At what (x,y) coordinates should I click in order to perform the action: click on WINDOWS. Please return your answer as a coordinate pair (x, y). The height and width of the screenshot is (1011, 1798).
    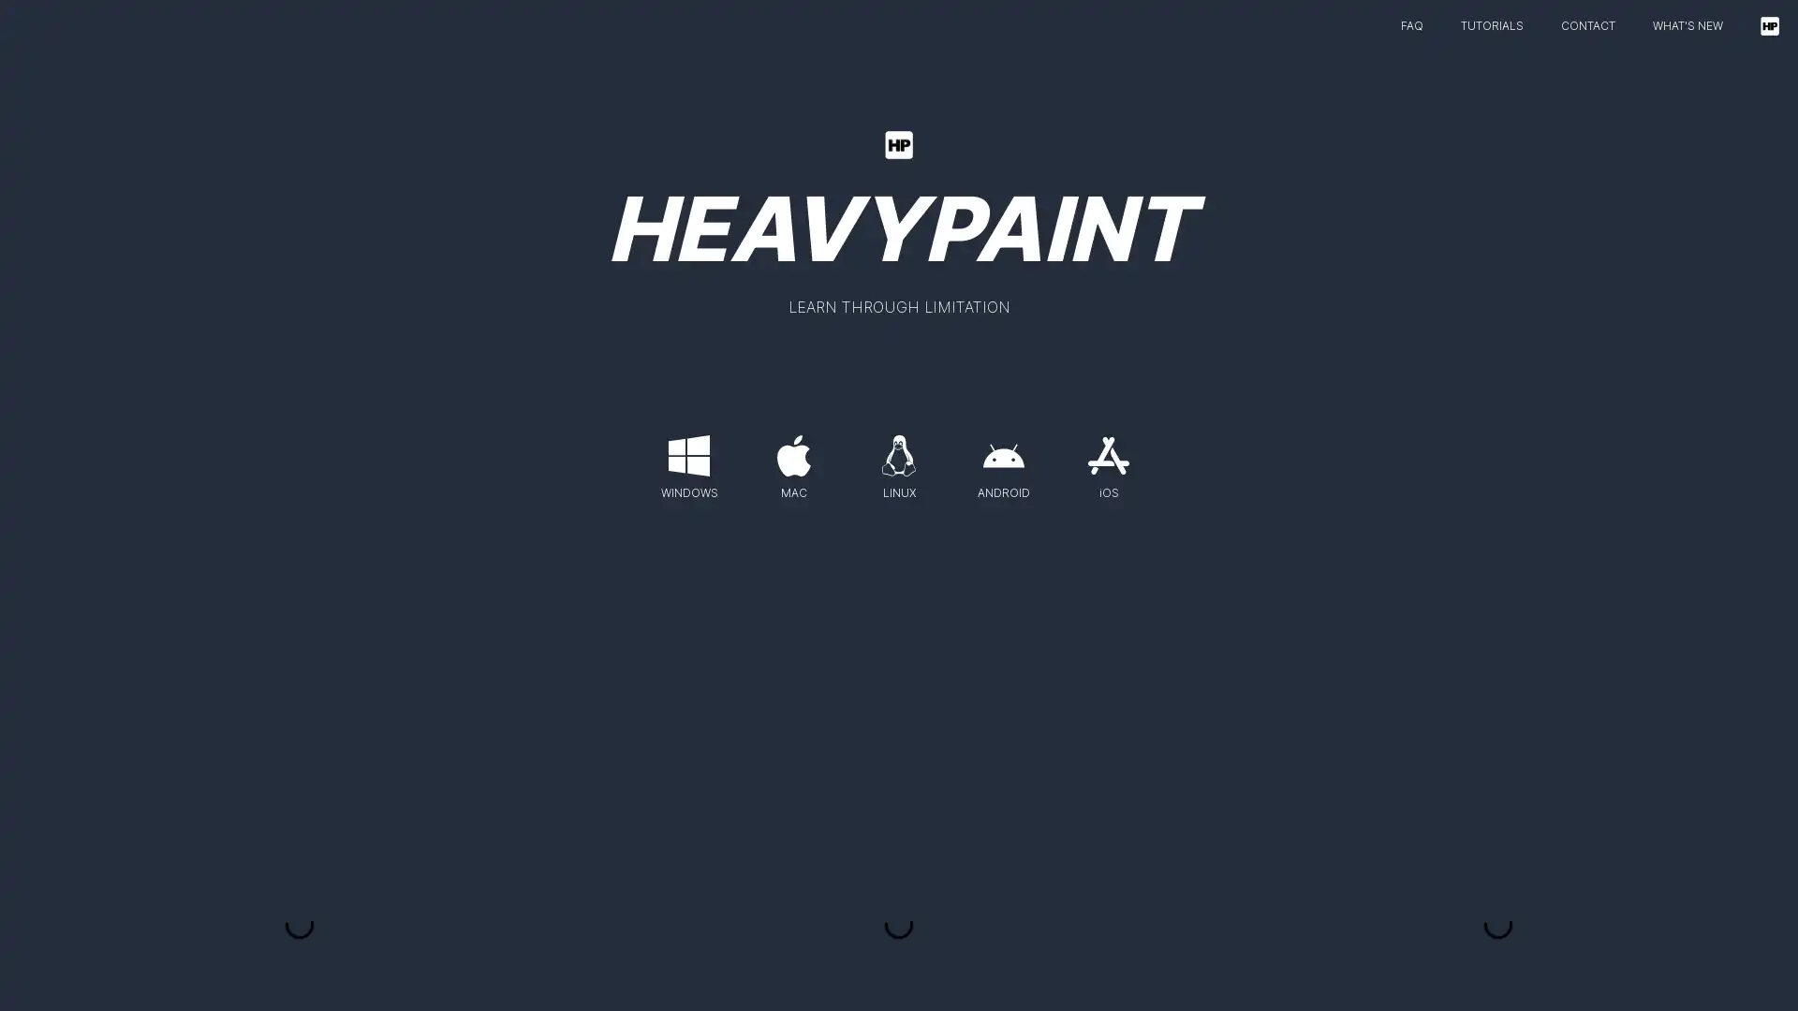
    Looking at the image, I should click on (687, 462).